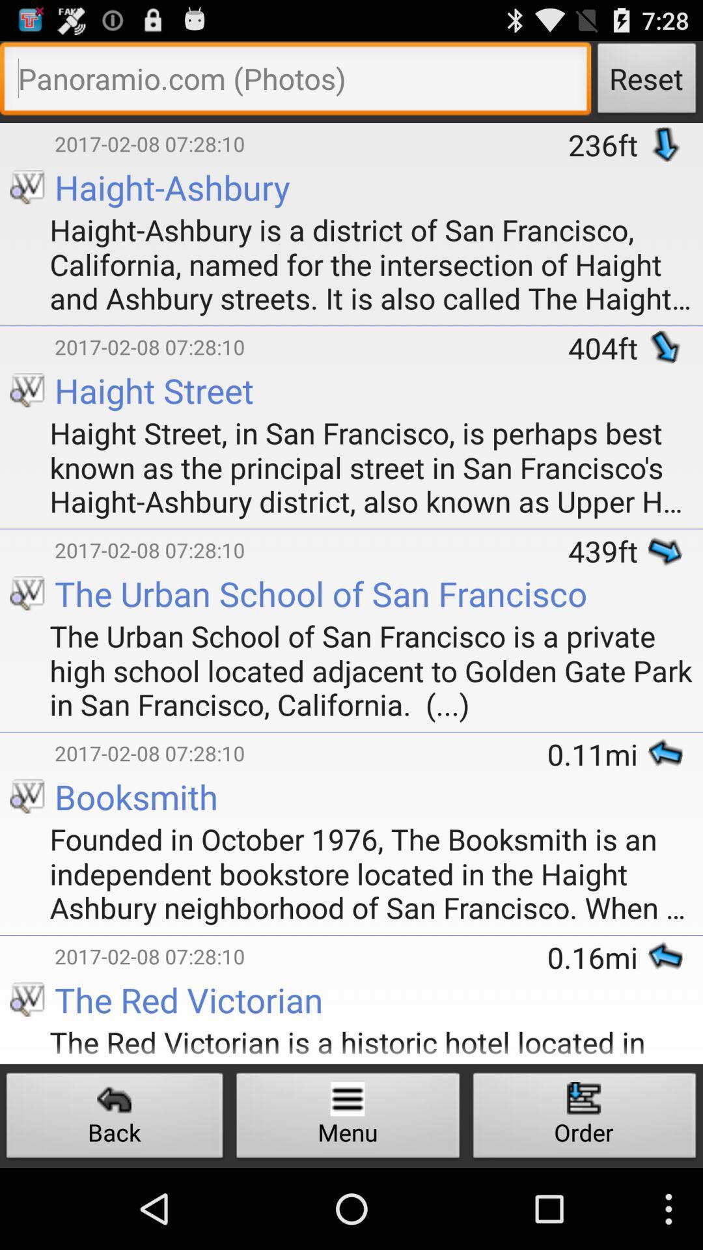 The height and width of the screenshot is (1250, 703). Describe the element at coordinates (296, 81) in the screenshot. I see `reset` at that location.